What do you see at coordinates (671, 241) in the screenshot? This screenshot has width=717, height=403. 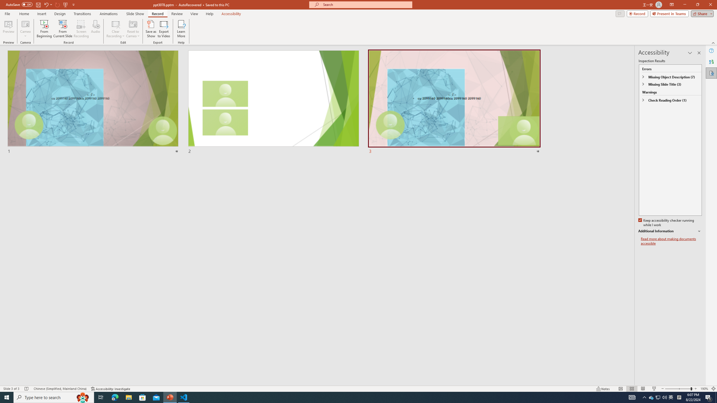 I see `'Read more about making documents accessible'` at bounding box center [671, 241].